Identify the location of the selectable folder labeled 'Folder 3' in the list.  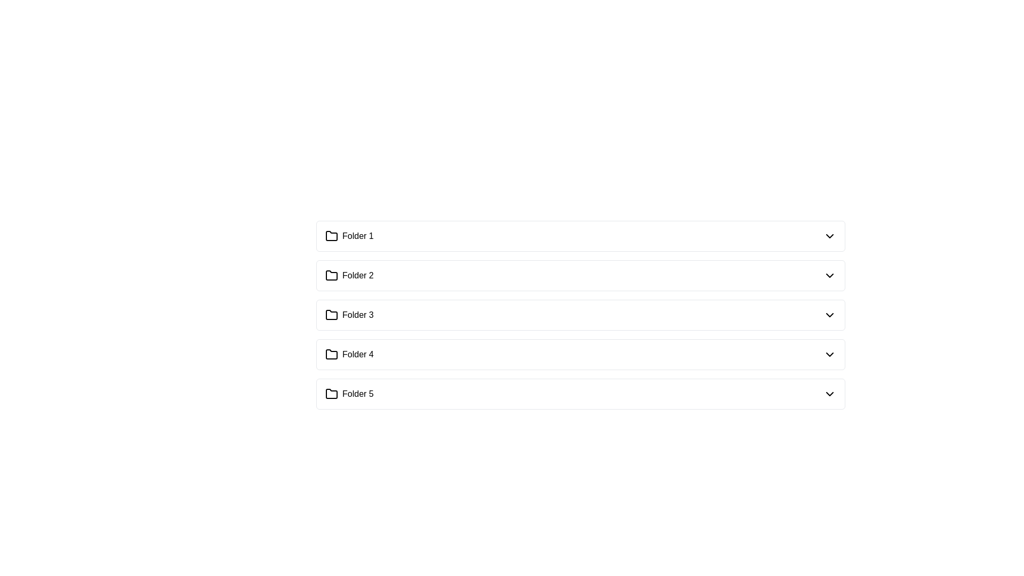
(349, 314).